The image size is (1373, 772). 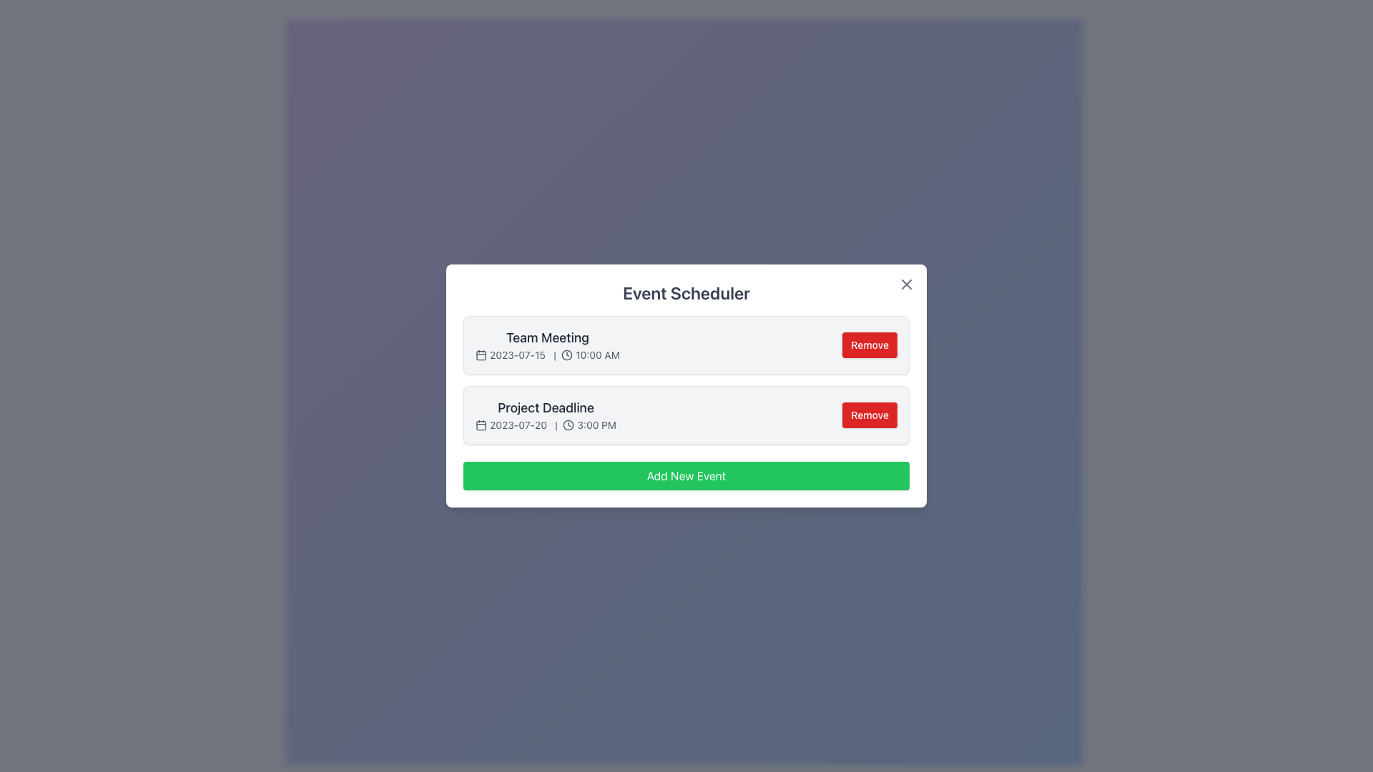 What do you see at coordinates (481, 355) in the screenshot?
I see `the calendar icon represented as an SVG graphic, which is the first icon in the row displaying event information for the 'Team Meeting' event section` at bounding box center [481, 355].